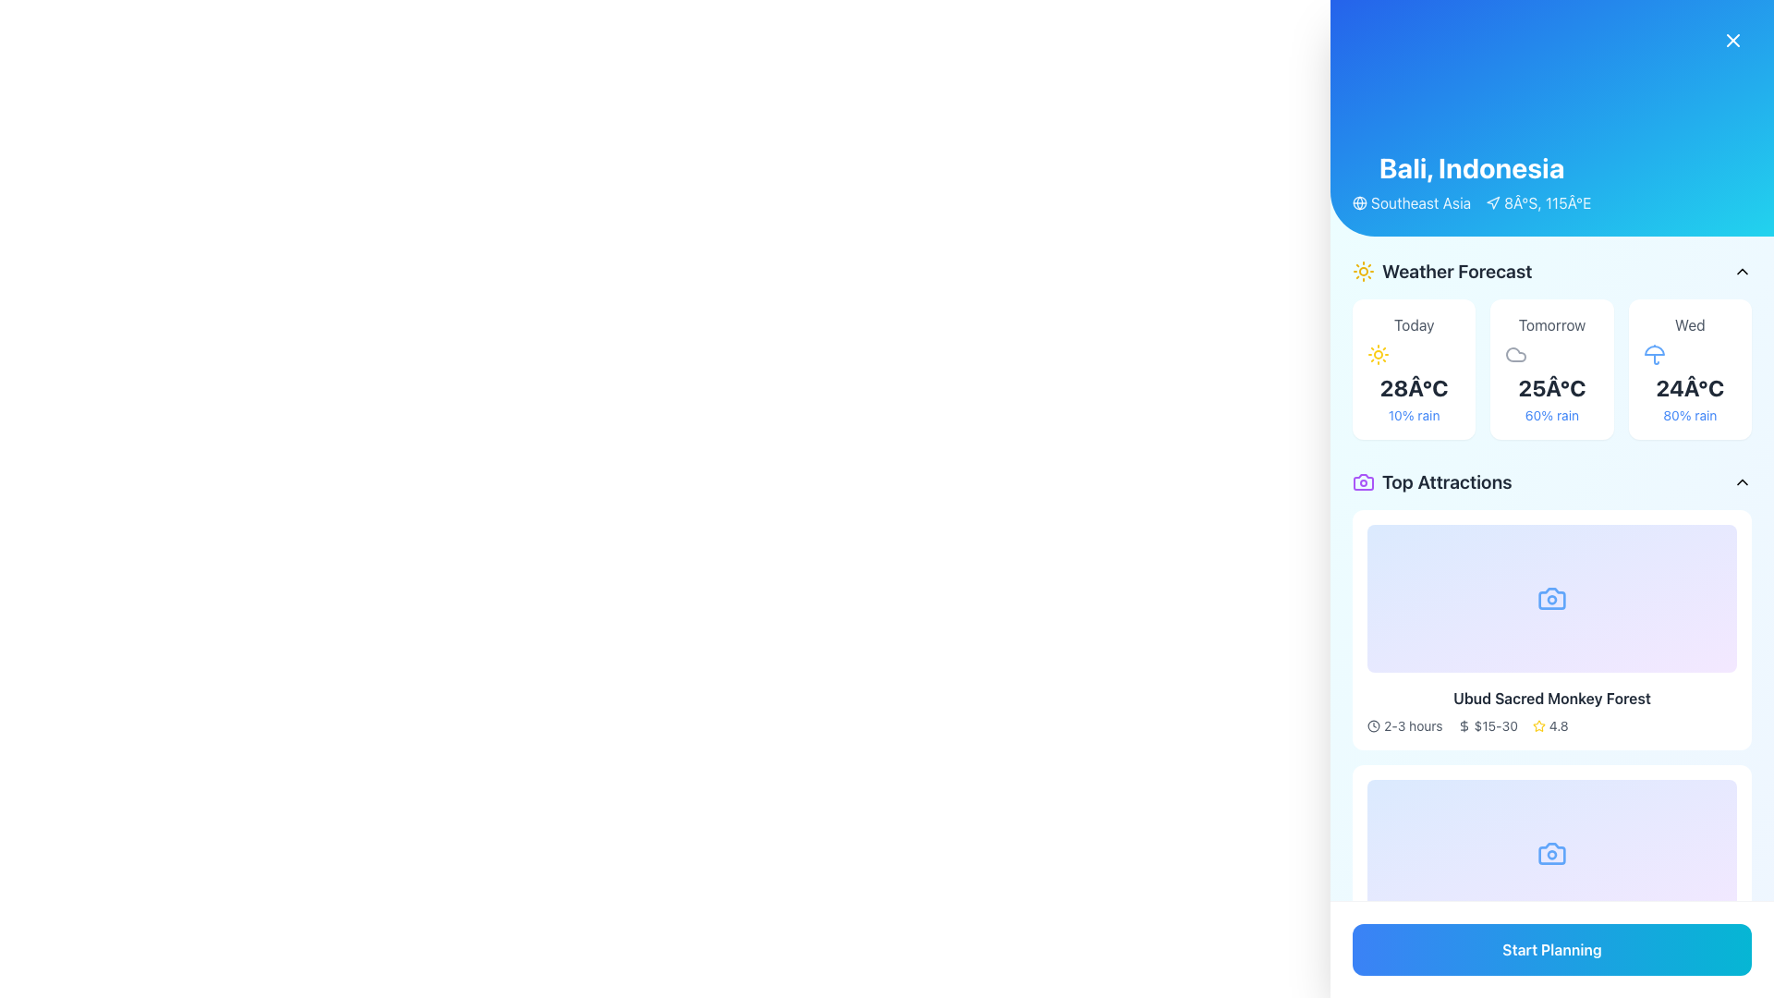 This screenshot has height=998, width=1774. What do you see at coordinates (1552, 349) in the screenshot?
I see `the displayed weather forecast from the informational component located centrally at the top of the weather section in the sidebar` at bounding box center [1552, 349].